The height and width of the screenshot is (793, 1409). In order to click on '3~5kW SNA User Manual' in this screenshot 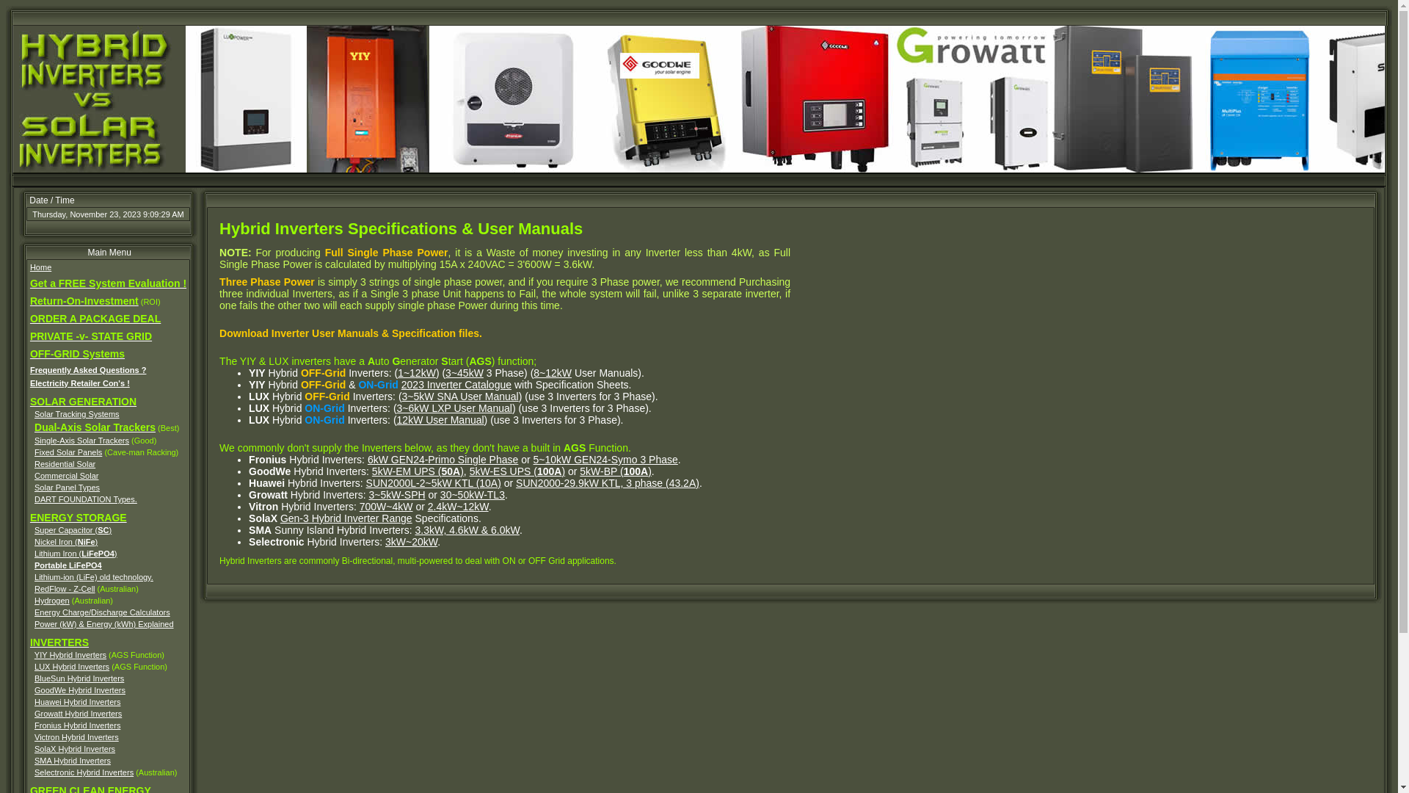, I will do `click(459, 396)`.